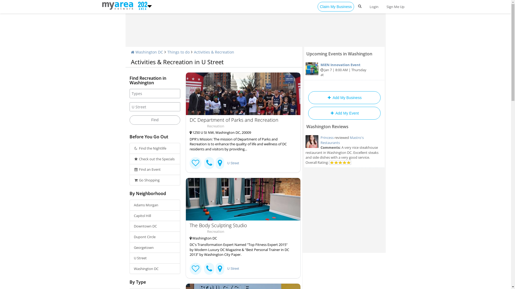 This screenshot has width=515, height=289. Describe the element at coordinates (129, 205) in the screenshot. I see `'Adams Morgan'` at that location.